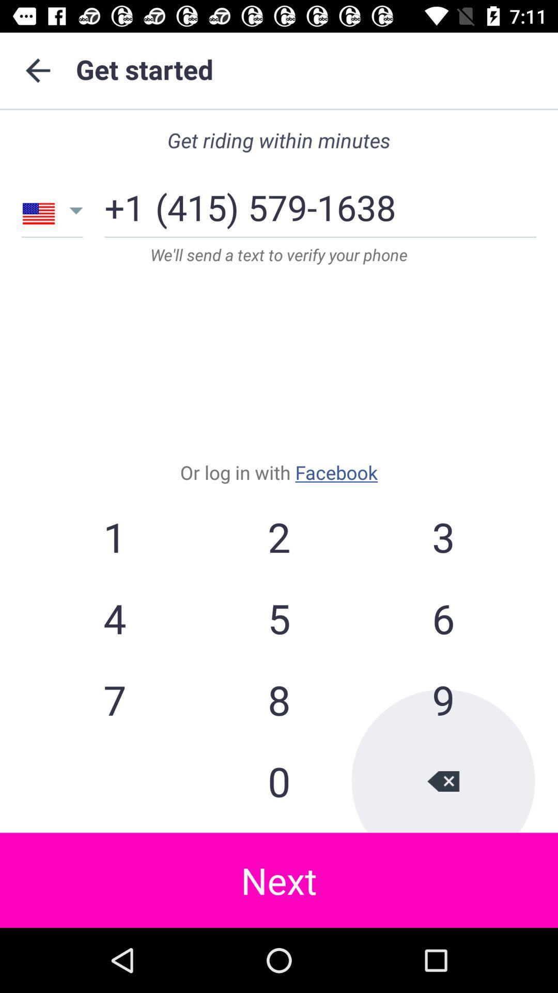 Image resolution: width=558 pixels, height=993 pixels. Describe the element at coordinates (275, 203) in the screenshot. I see `item below the get riding within item` at that location.